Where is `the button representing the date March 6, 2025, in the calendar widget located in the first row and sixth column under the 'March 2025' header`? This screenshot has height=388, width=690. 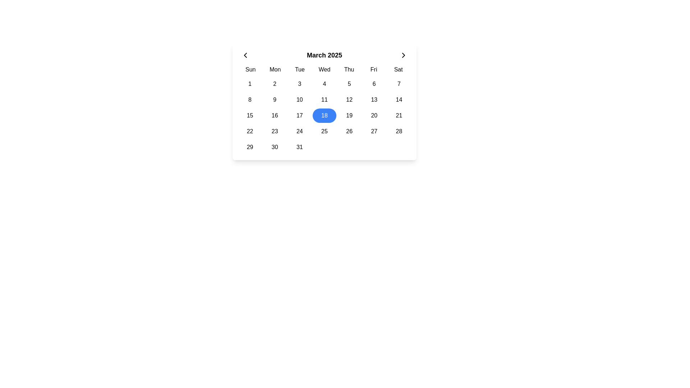
the button representing the date March 6, 2025, in the calendar widget located in the first row and sixth column under the 'March 2025' header is located at coordinates (374, 84).